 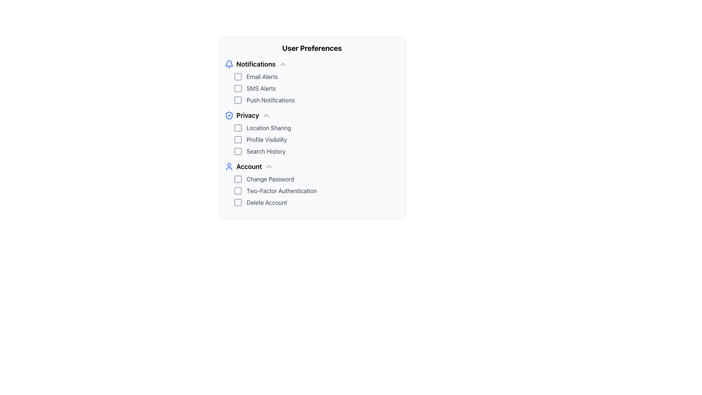 I want to click on the checkbox for the 'Change Password' option in the collapsible 'Account' section of the 'User Preferences' interface, so click(x=312, y=184).